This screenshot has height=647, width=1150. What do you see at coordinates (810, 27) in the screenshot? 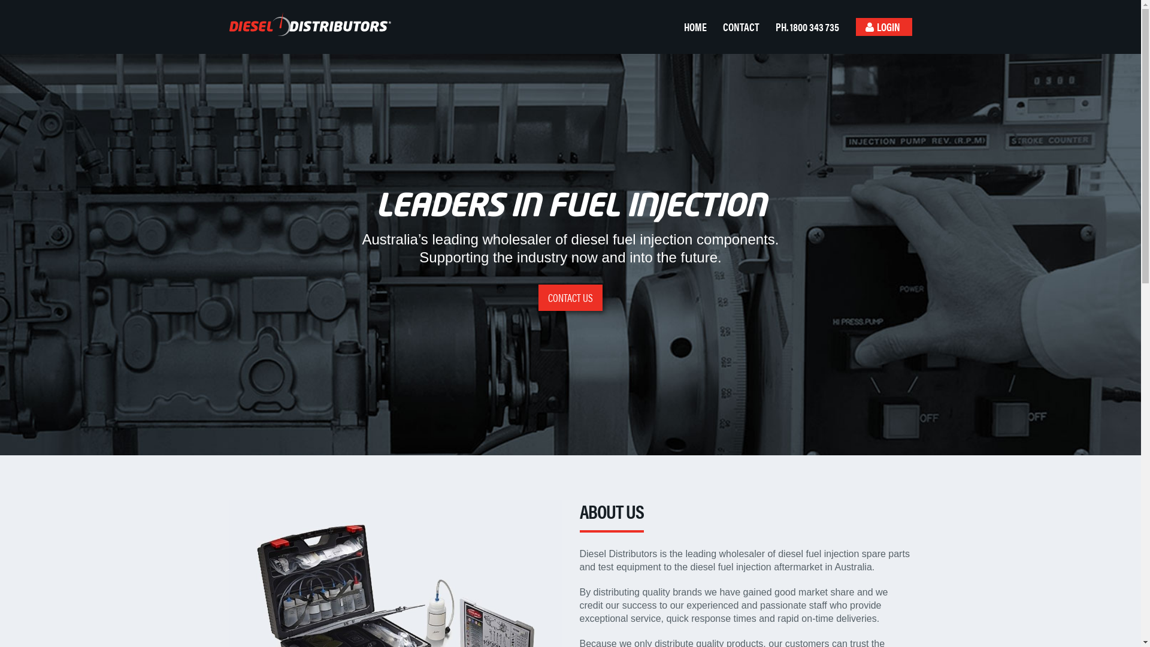
I see `'PH. 1800 343 735'` at bounding box center [810, 27].